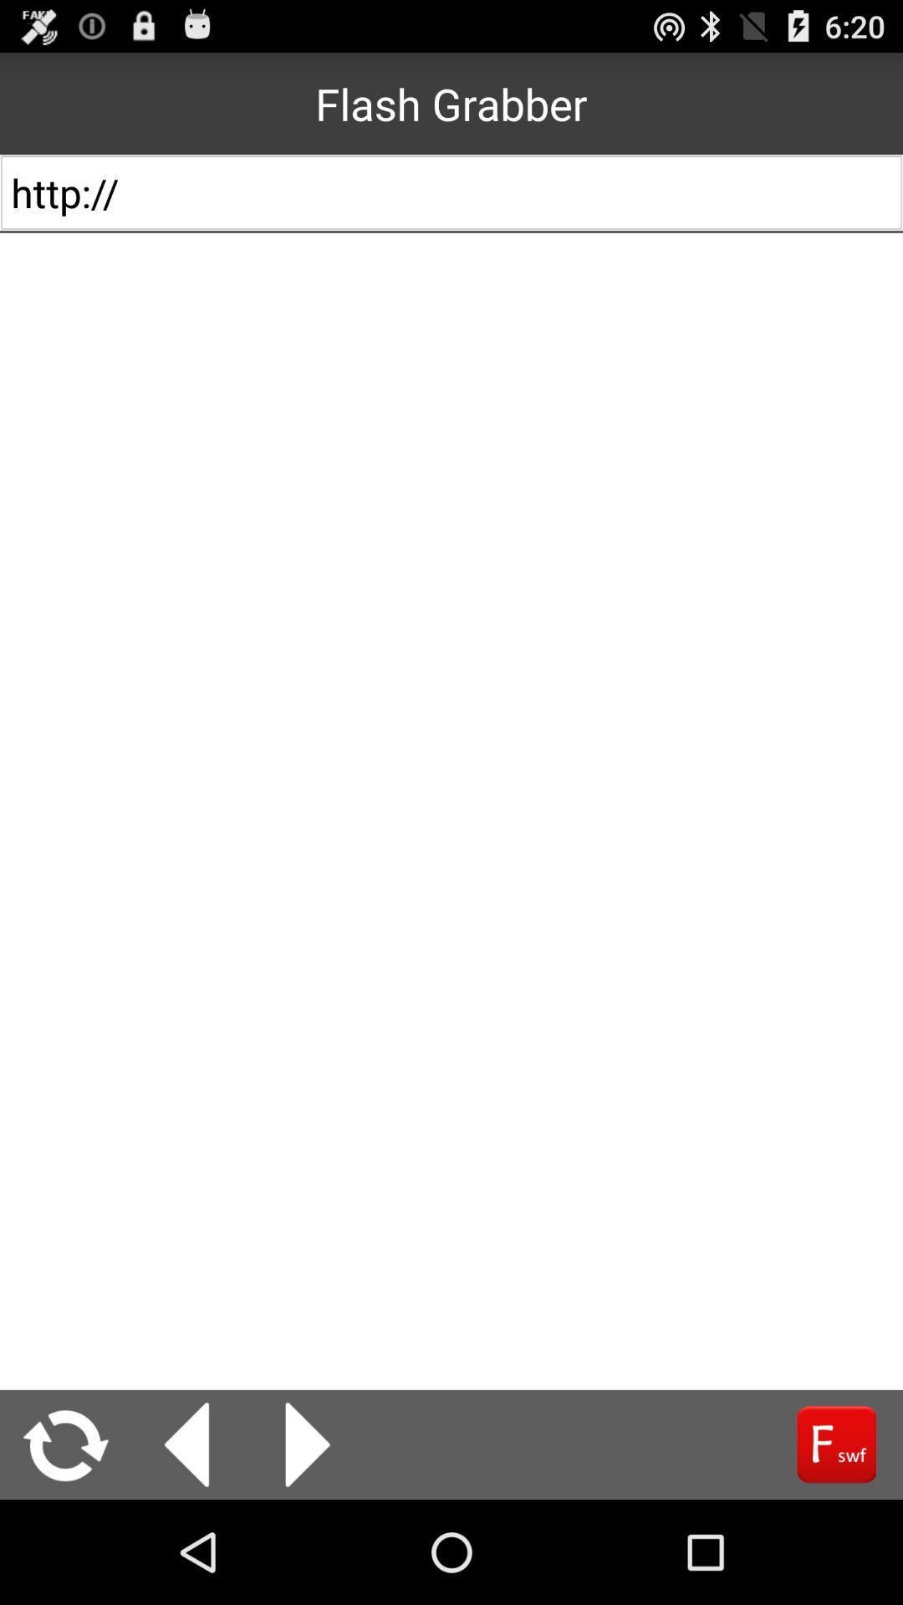 The height and width of the screenshot is (1605, 903). What do you see at coordinates (308, 1444) in the screenshot?
I see `next page` at bounding box center [308, 1444].